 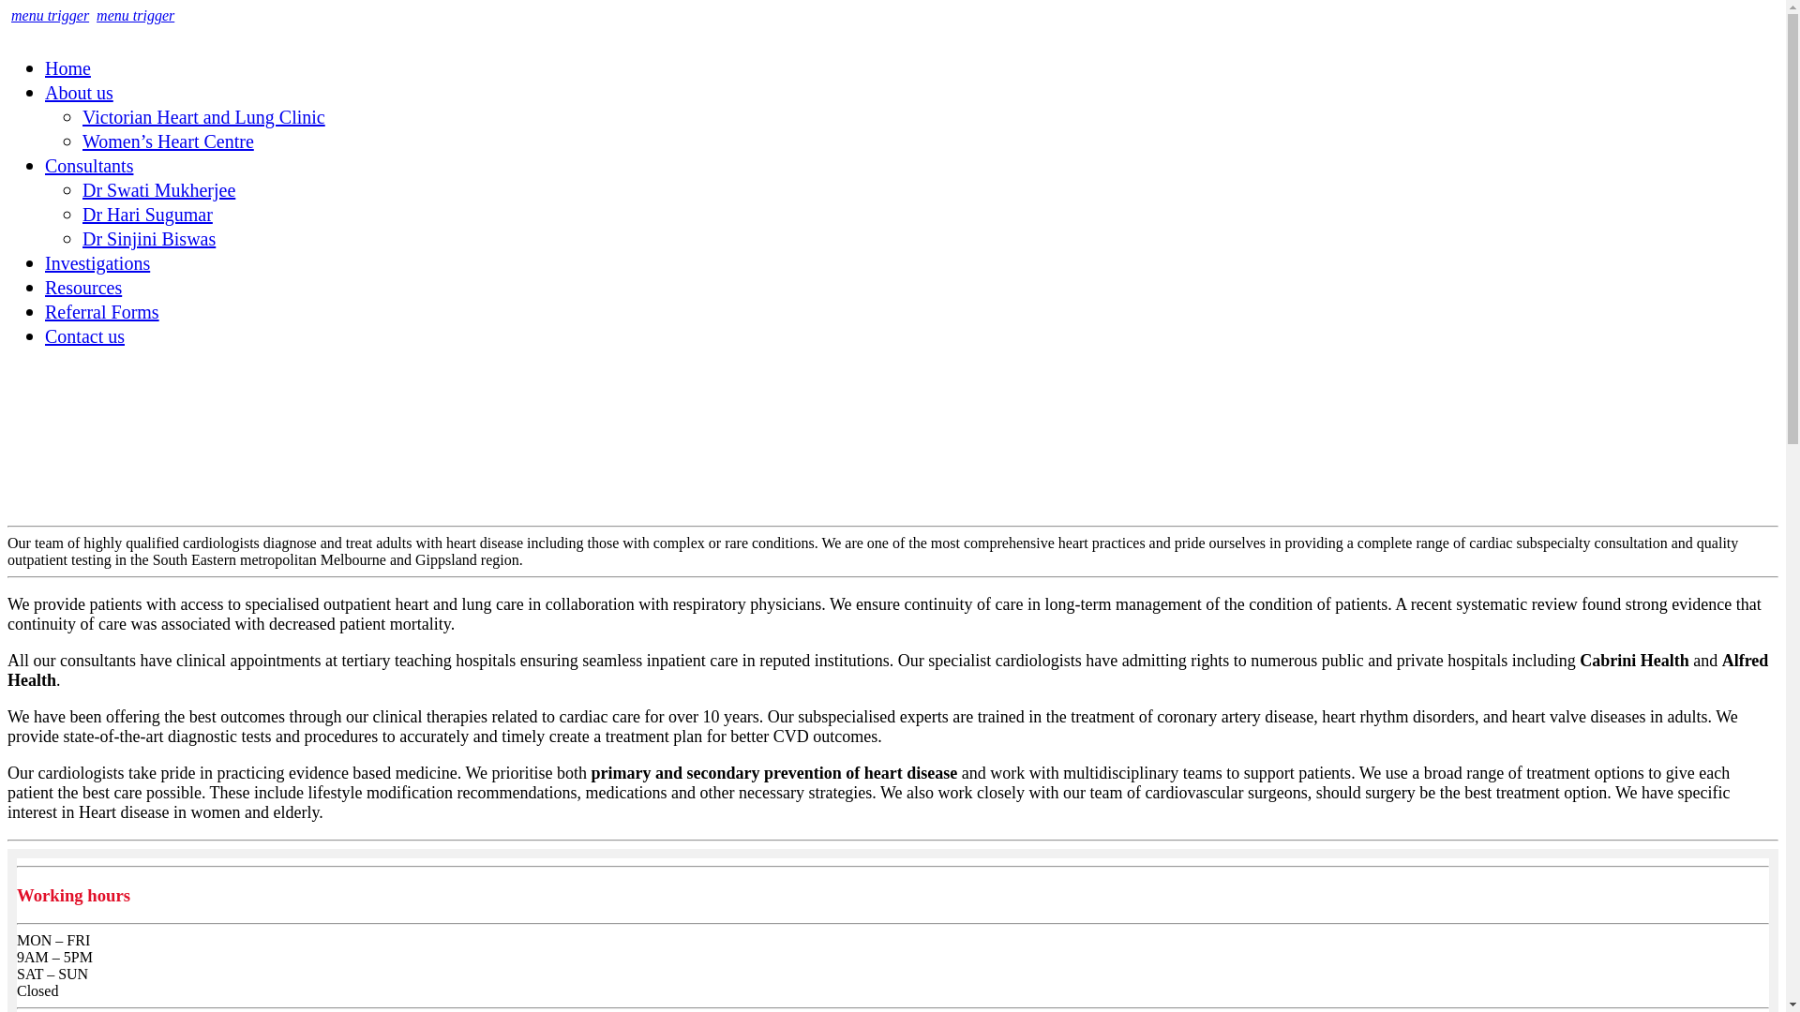 What do you see at coordinates (82, 288) in the screenshot?
I see `'Resources'` at bounding box center [82, 288].